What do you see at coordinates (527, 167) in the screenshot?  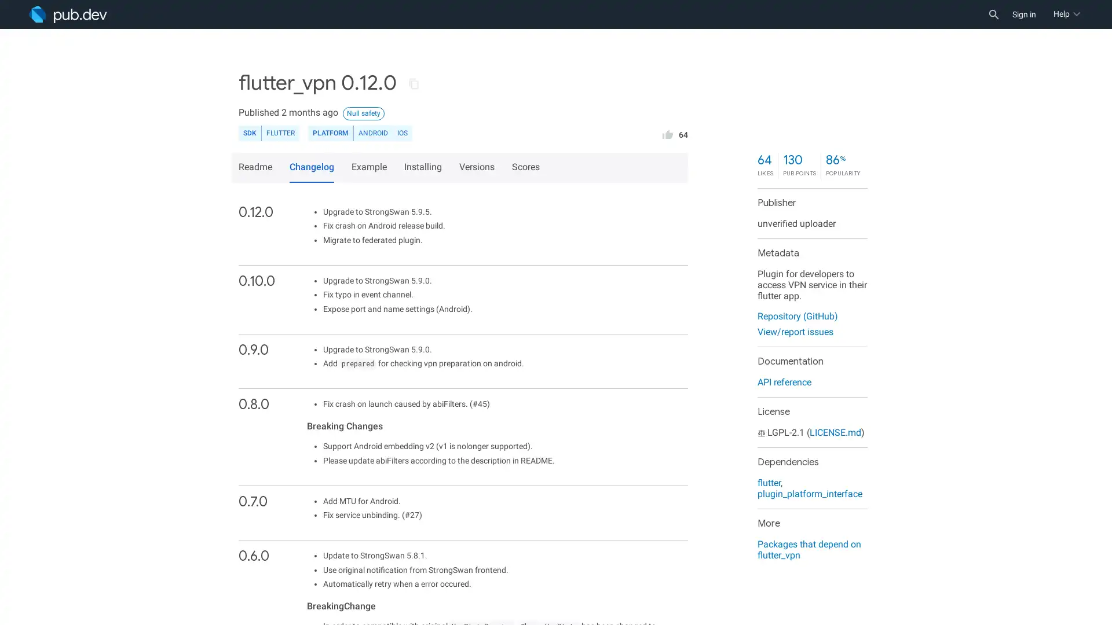 I see `Scores` at bounding box center [527, 167].